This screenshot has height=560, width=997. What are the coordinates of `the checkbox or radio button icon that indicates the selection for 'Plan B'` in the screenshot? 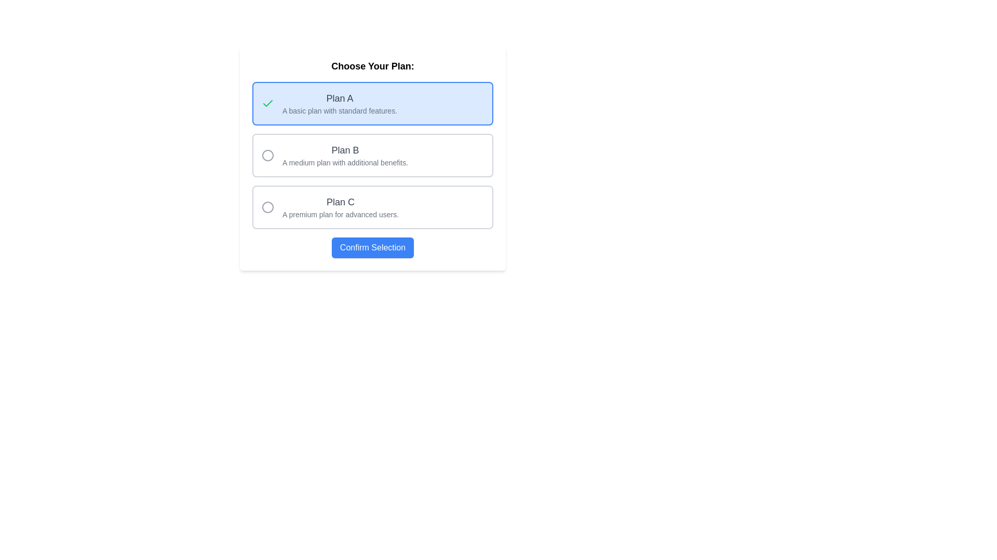 It's located at (267, 156).